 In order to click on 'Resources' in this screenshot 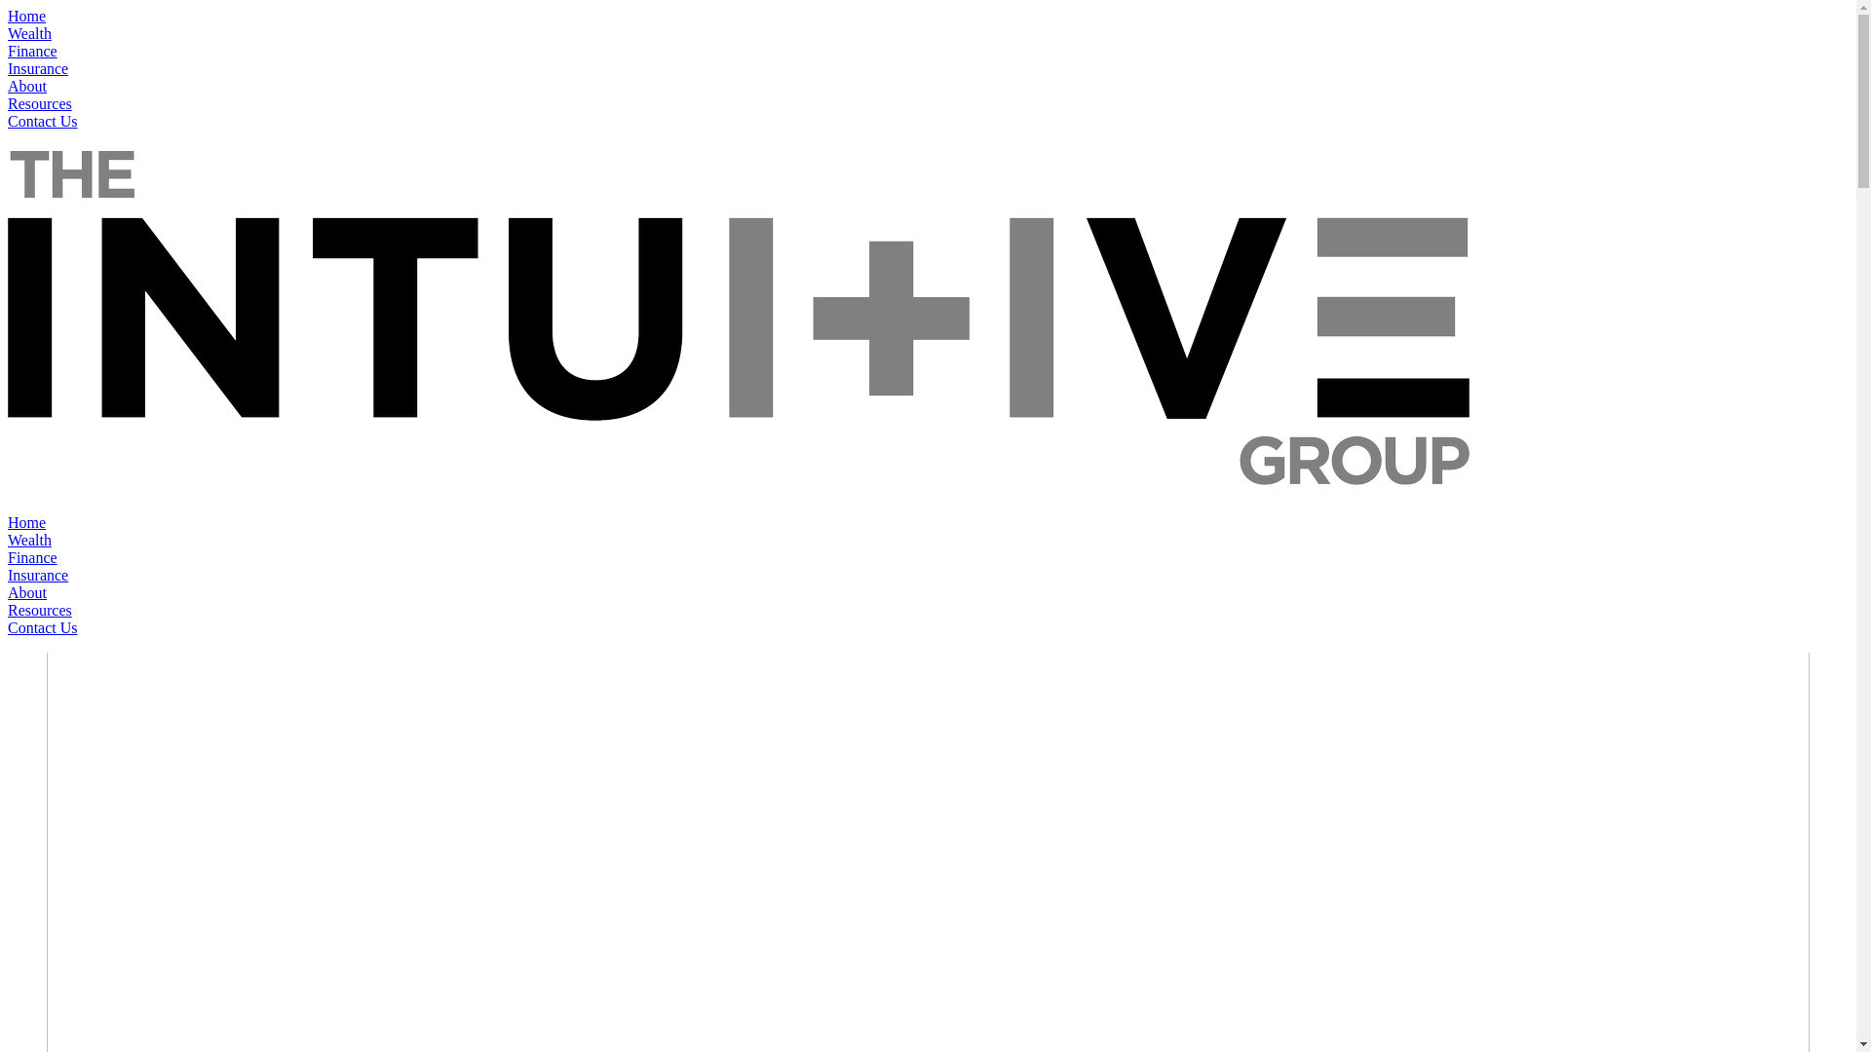, I will do `click(40, 609)`.